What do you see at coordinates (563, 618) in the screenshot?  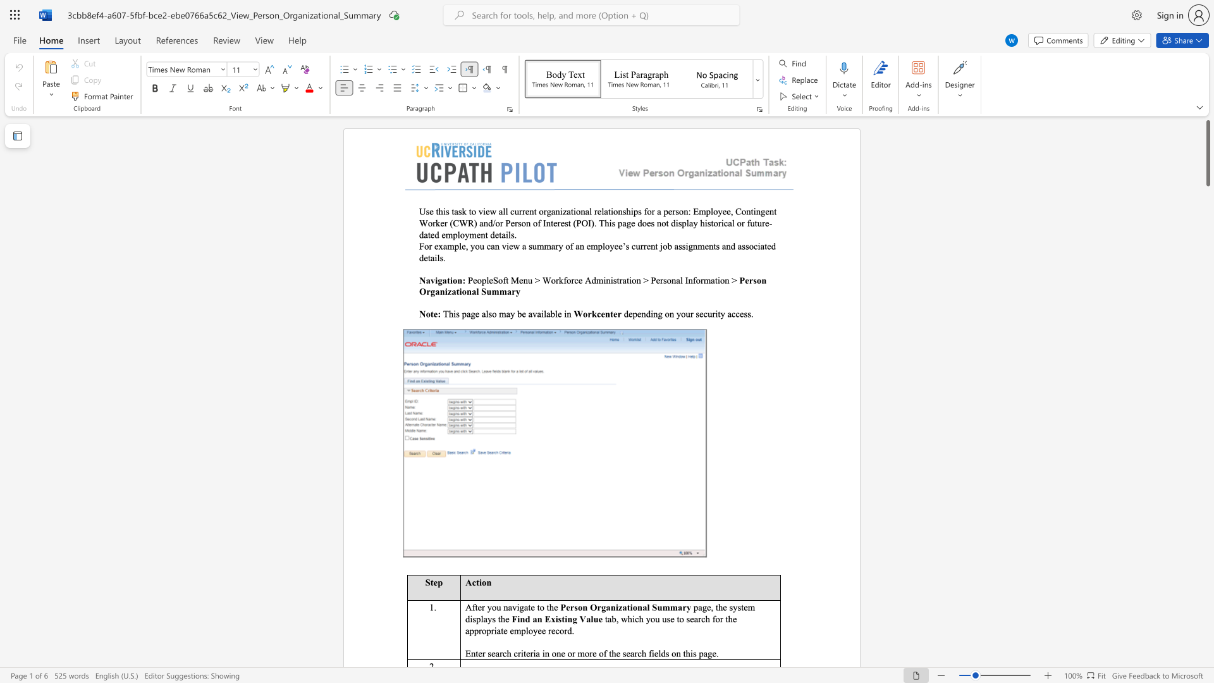 I see `the space between the continuous character "t" and "i" in the text` at bounding box center [563, 618].